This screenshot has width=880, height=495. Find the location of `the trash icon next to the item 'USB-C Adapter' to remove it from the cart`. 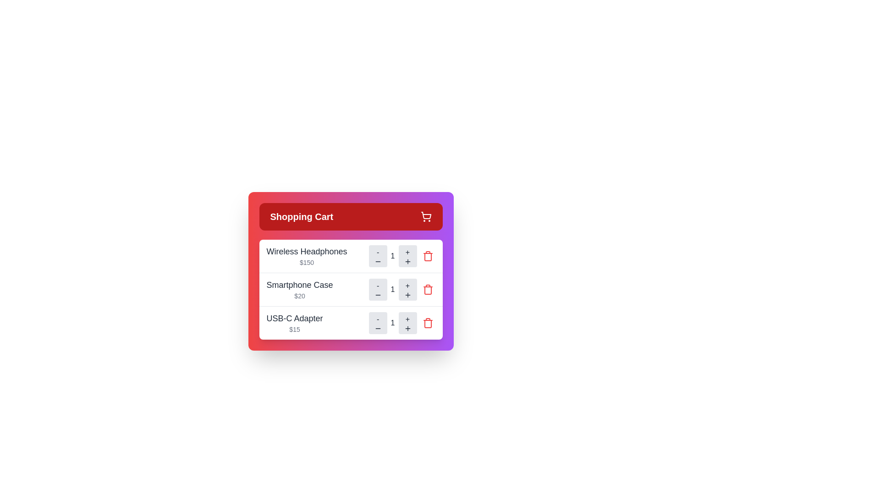

the trash icon next to the item 'USB-C Adapter' to remove it from the cart is located at coordinates (427, 323).